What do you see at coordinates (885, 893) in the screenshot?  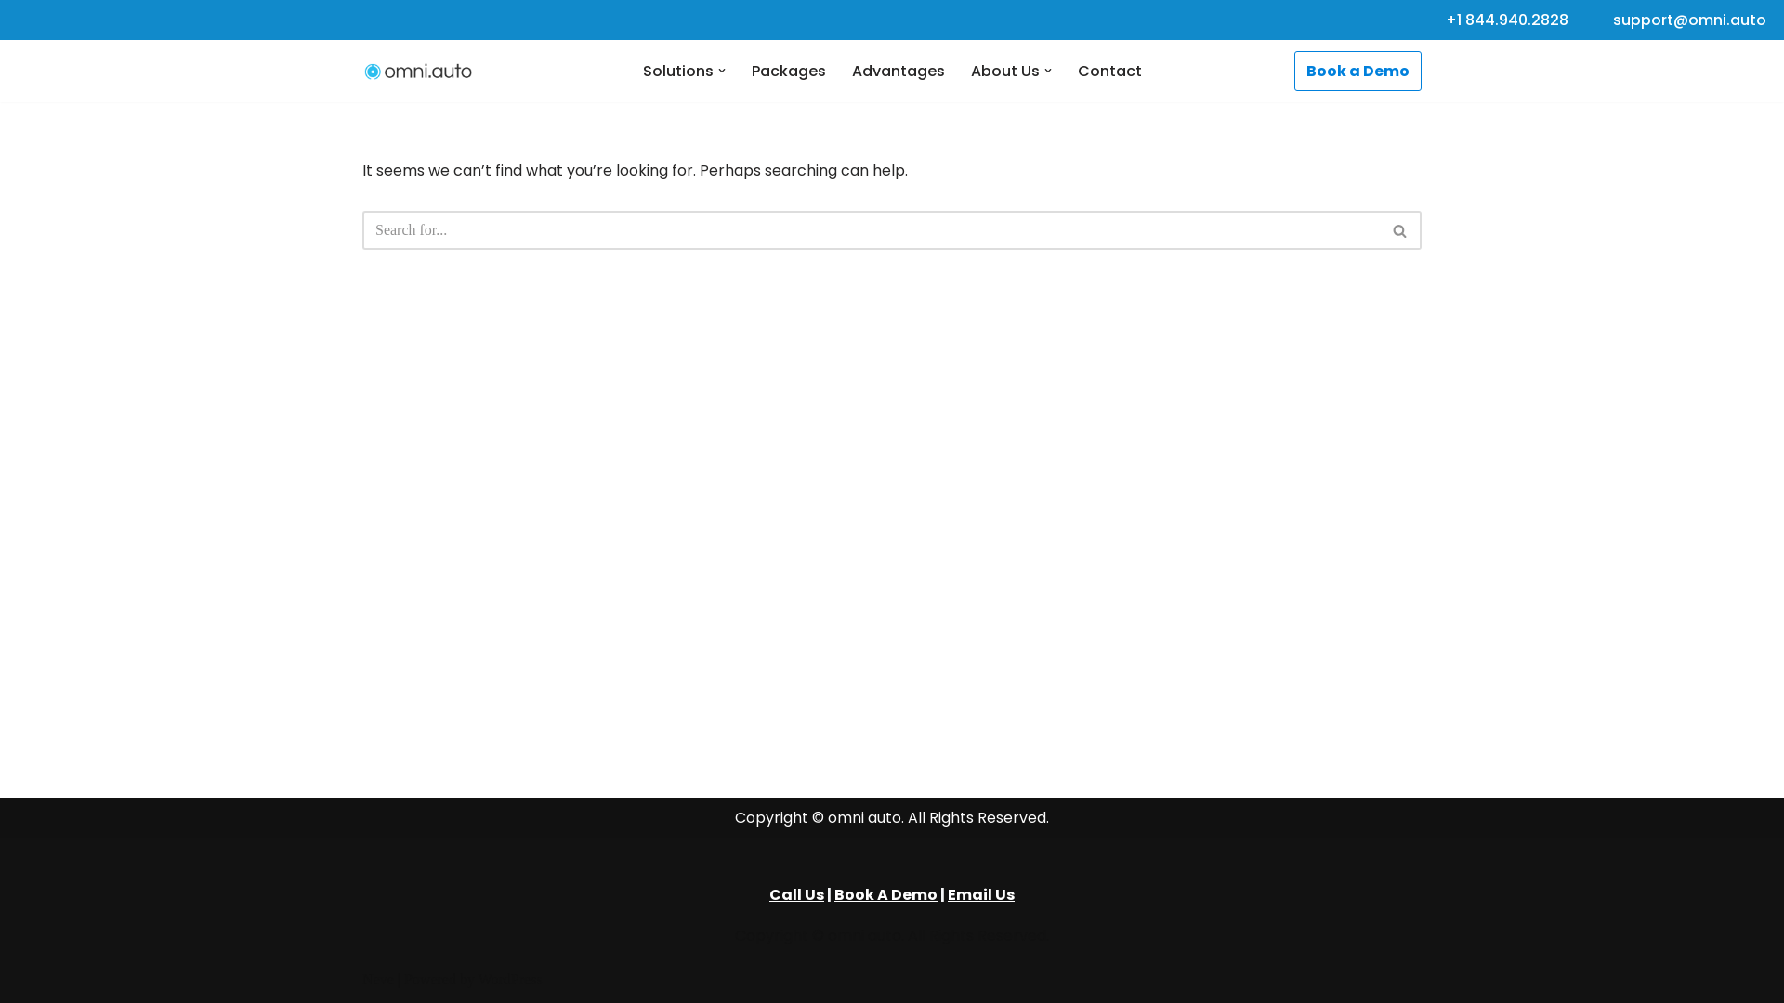 I see `'Book A Demo'` at bounding box center [885, 893].